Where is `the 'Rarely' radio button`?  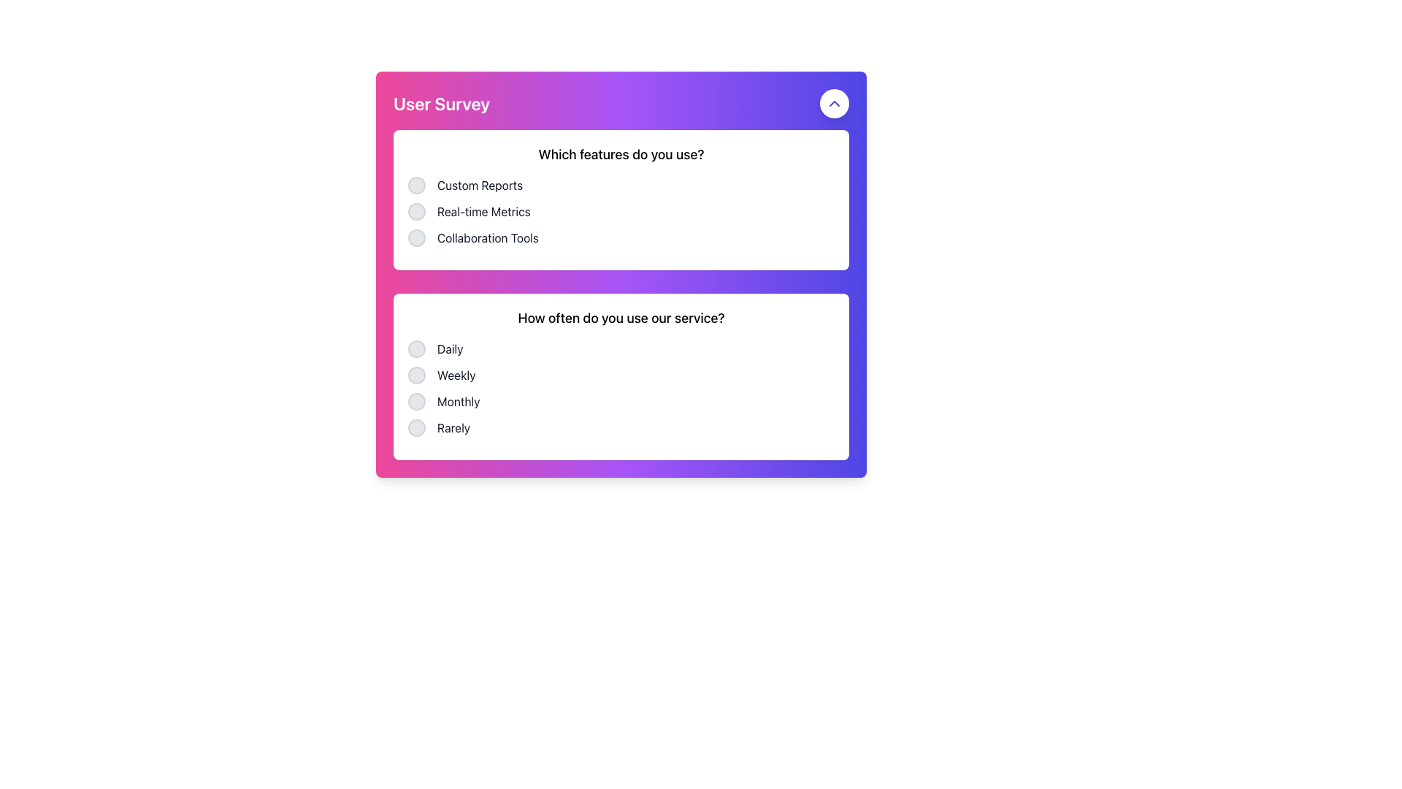 the 'Rarely' radio button is located at coordinates (416, 427).